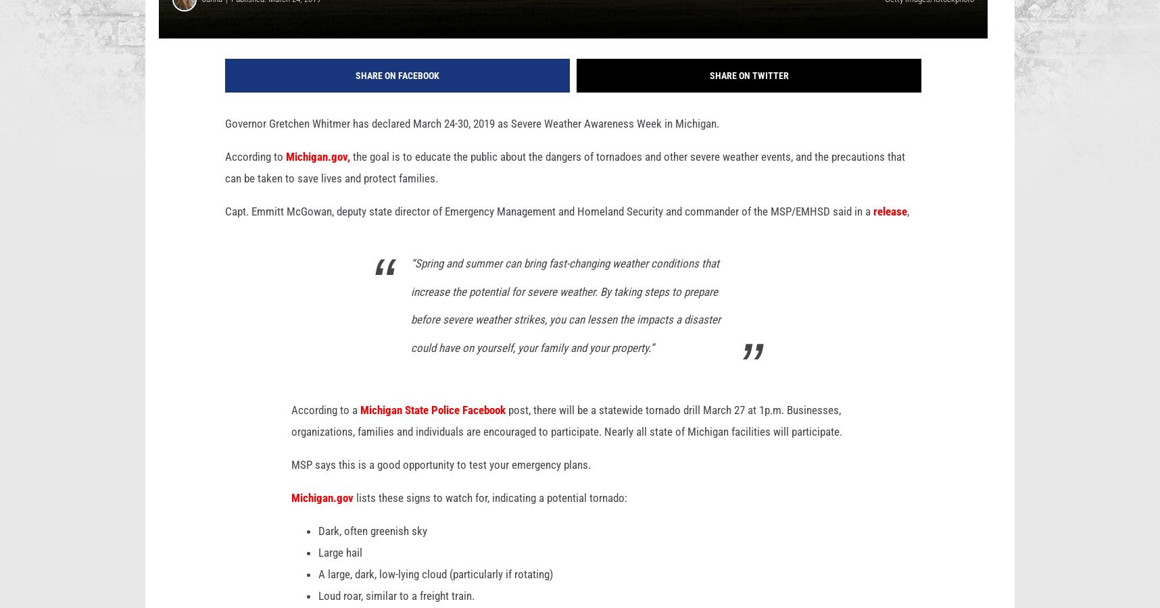 This screenshot has height=608, width=1160. Describe the element at coordinates (325, 431) in the screenshot. I see `'According to a'` at that location.